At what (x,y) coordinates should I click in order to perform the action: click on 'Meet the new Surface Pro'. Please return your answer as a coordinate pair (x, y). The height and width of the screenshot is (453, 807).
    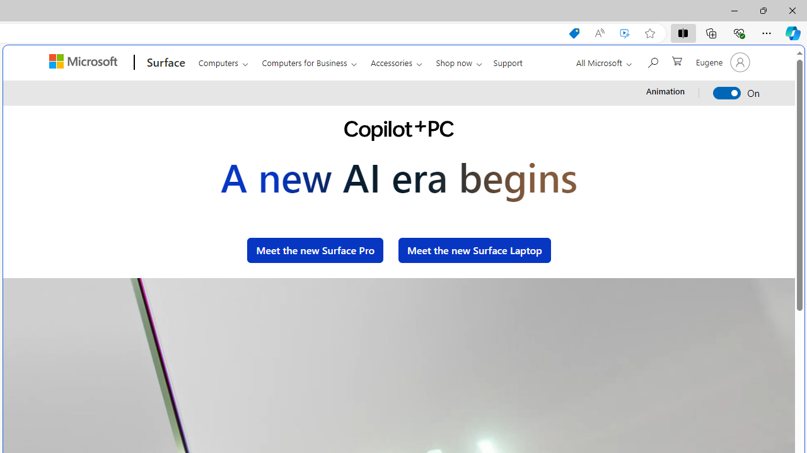
    Looking at the image, I should click on (315, 250).